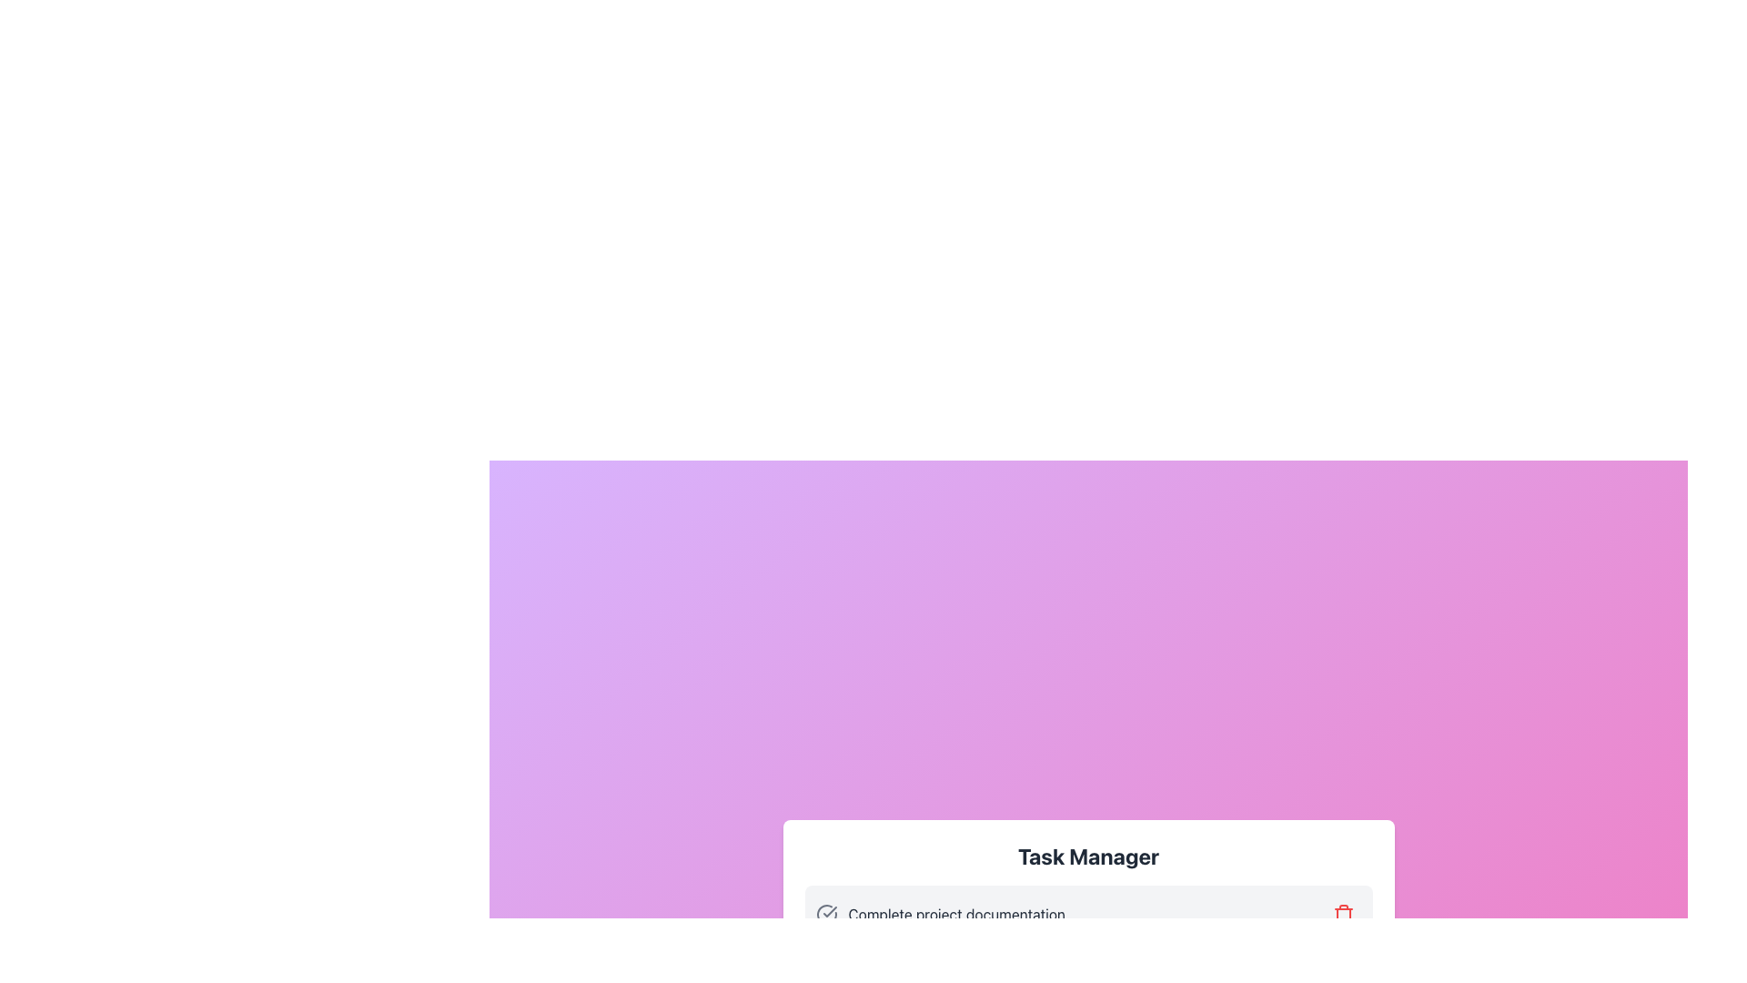 This screenshot has width=1747, height=983. What do you see at coordinates (825, 915) in the screenshot?
I see `the circular checkmark icon located to the left of the text 'Complete project documentation'` at bounding box center [825, 915].